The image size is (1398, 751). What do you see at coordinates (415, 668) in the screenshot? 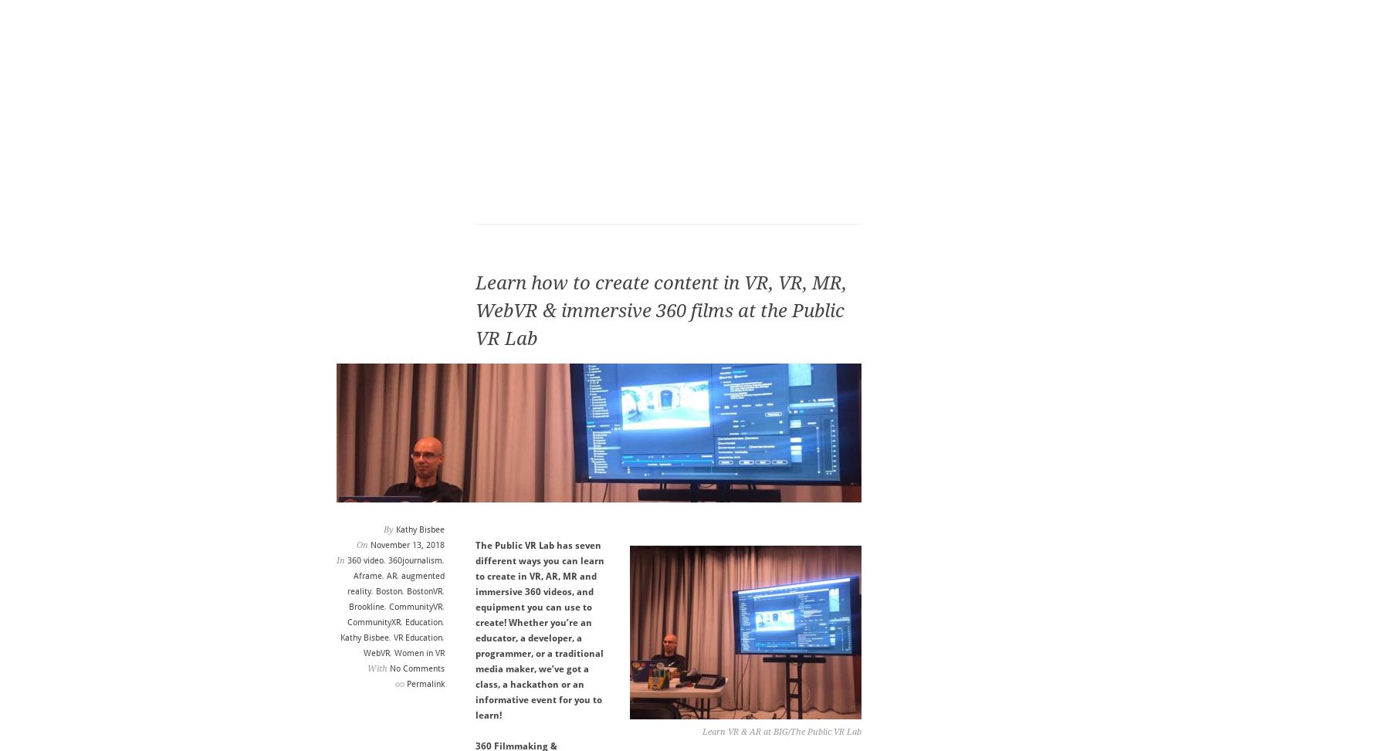
I see `'No Comments'` at bounding box center [415, 668].